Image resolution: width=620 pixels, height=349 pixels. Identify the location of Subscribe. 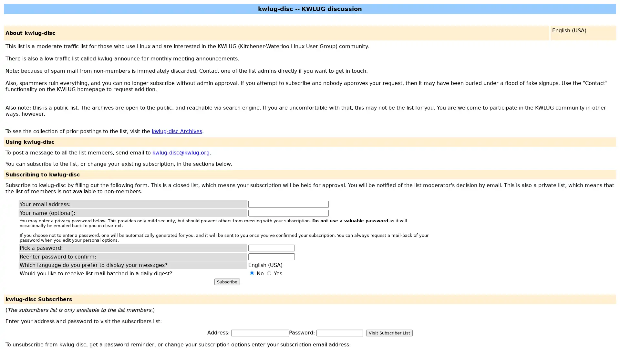
(227, 281).